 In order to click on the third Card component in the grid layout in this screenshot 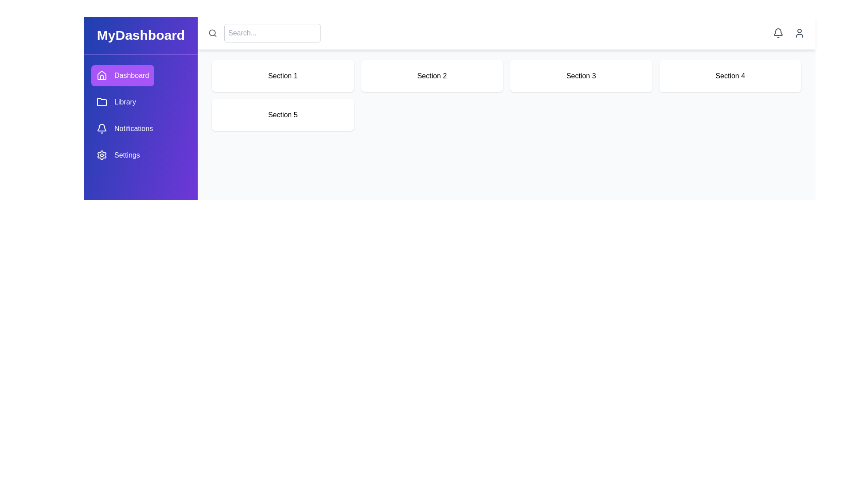, I will do `click(581, 76)`.